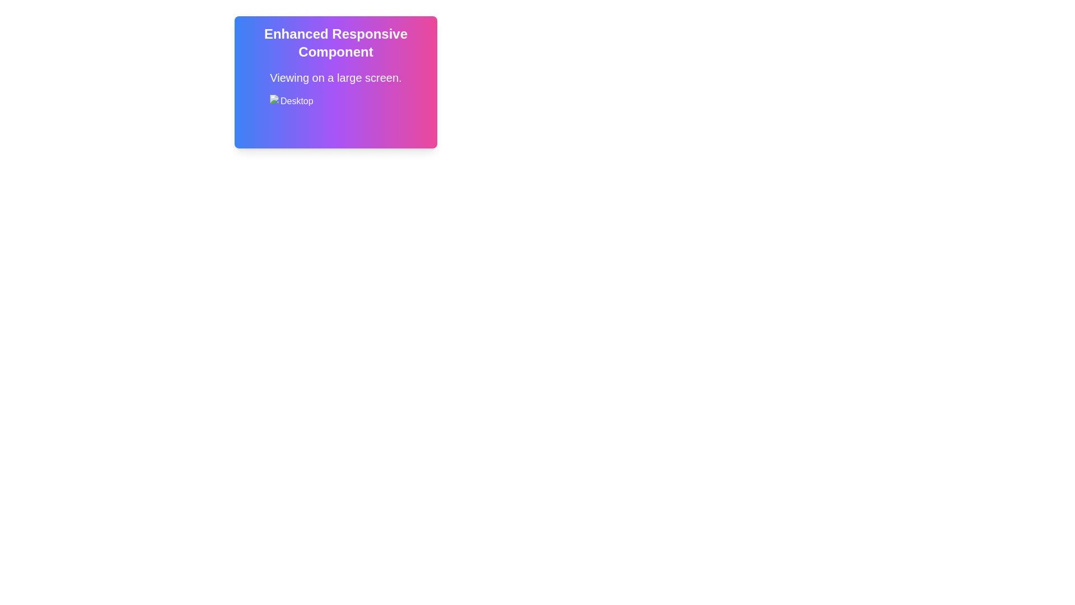 Image resolution: width=1075 pixels, height=605 pixels. I want to click on the bold text element that reads 'ENHANCED RESPONSIVE COMPONENT', prominently displayed within a gradient-styled background, so click(335, 43).